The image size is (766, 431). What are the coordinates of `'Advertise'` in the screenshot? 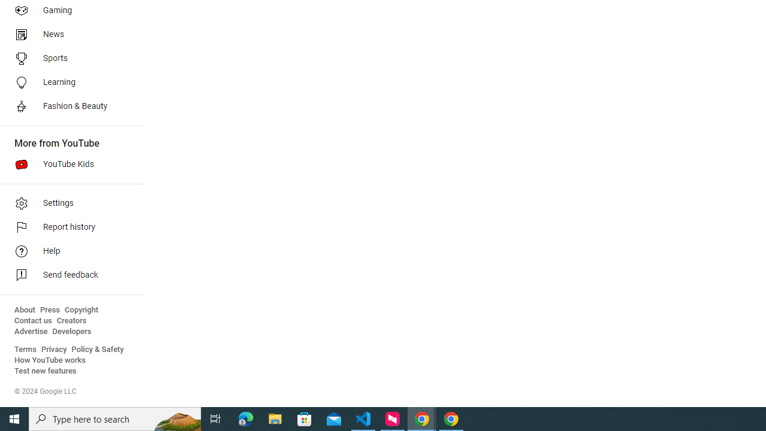 It's located at (31, 332).